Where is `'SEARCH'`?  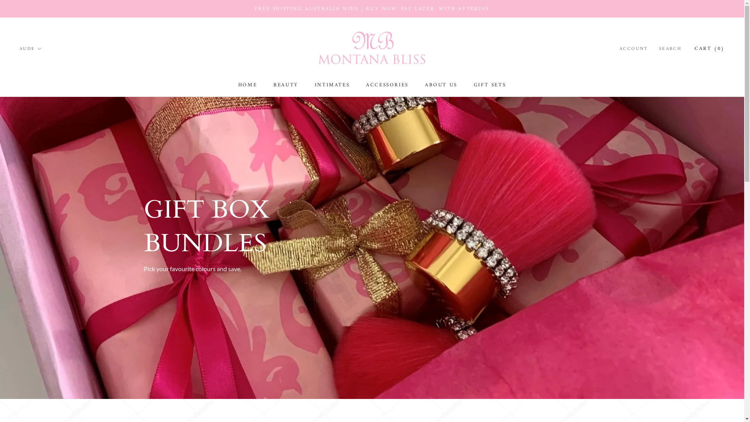 'SEARCH' is located at coordinates (670, 49).